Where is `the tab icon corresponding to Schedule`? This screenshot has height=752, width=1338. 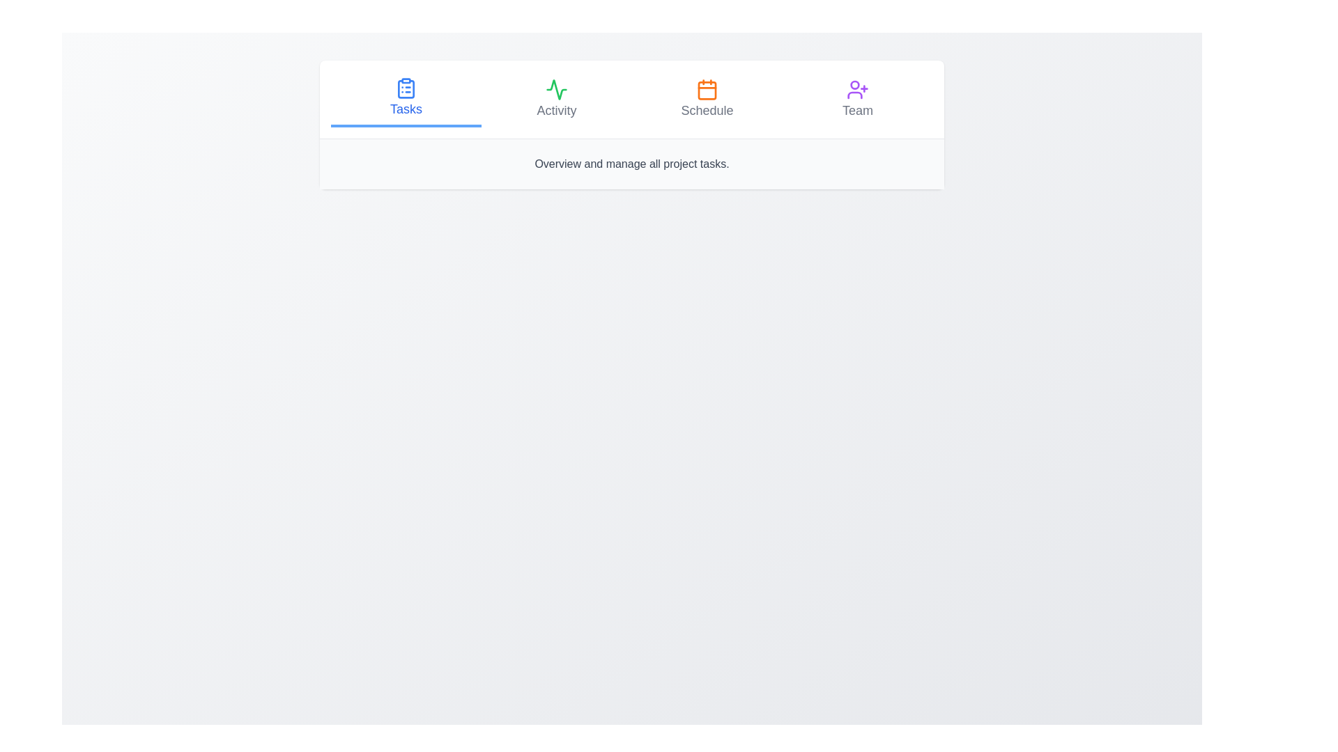
the tab icon corresponding to Schedule is located at coordinates (707, 89).